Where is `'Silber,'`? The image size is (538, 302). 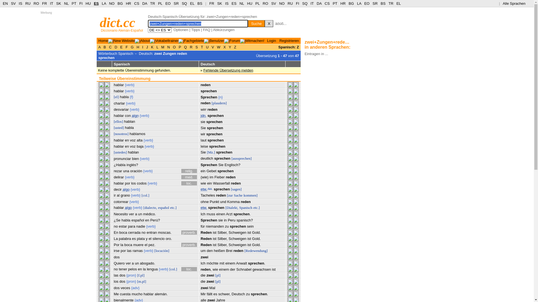
'Silber,' is located at coordinates (222, 232).